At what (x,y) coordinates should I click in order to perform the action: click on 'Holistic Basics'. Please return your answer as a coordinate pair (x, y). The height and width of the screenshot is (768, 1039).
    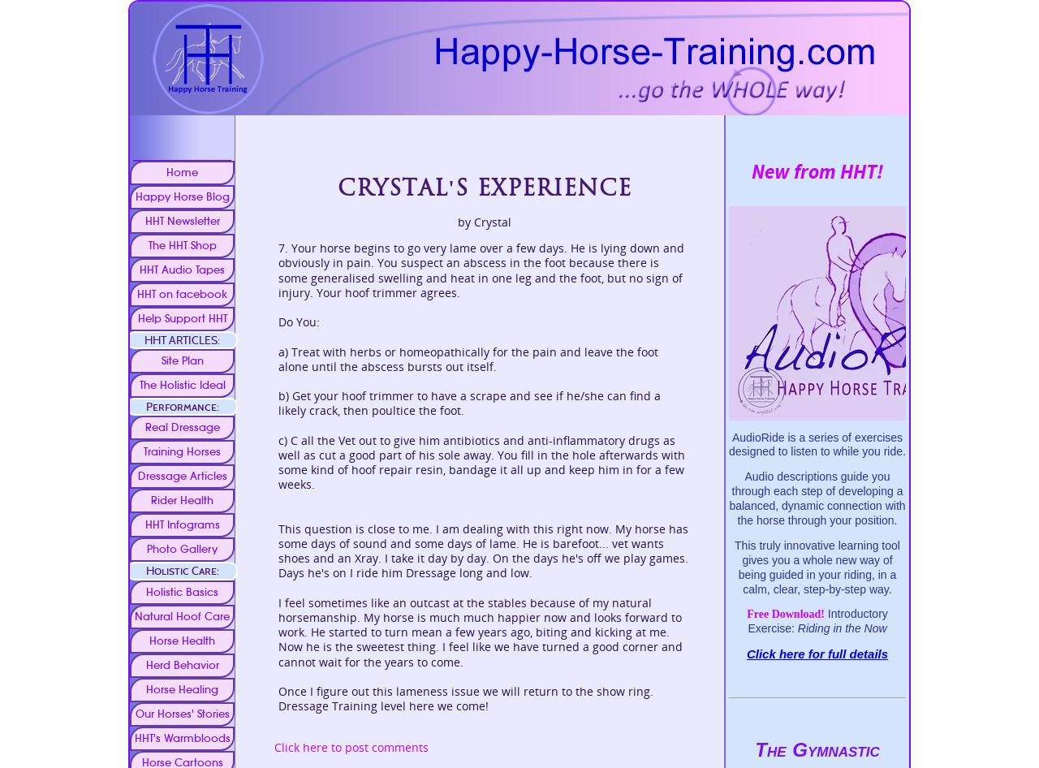
    Looking at the image, I should click on (182, 590).